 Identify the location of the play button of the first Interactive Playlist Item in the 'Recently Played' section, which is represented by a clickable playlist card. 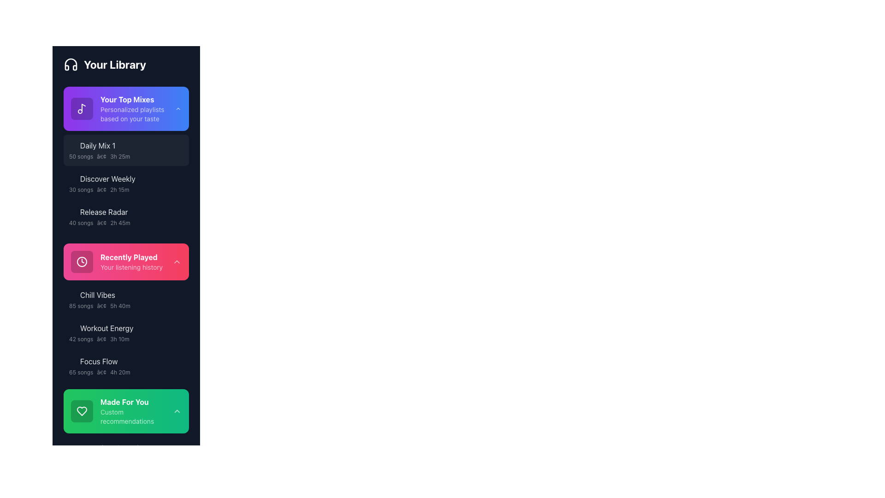
(121, 295).